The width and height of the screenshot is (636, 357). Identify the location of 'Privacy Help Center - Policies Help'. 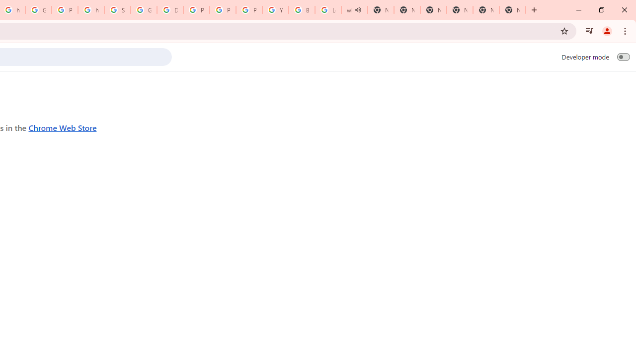
(222, 10).